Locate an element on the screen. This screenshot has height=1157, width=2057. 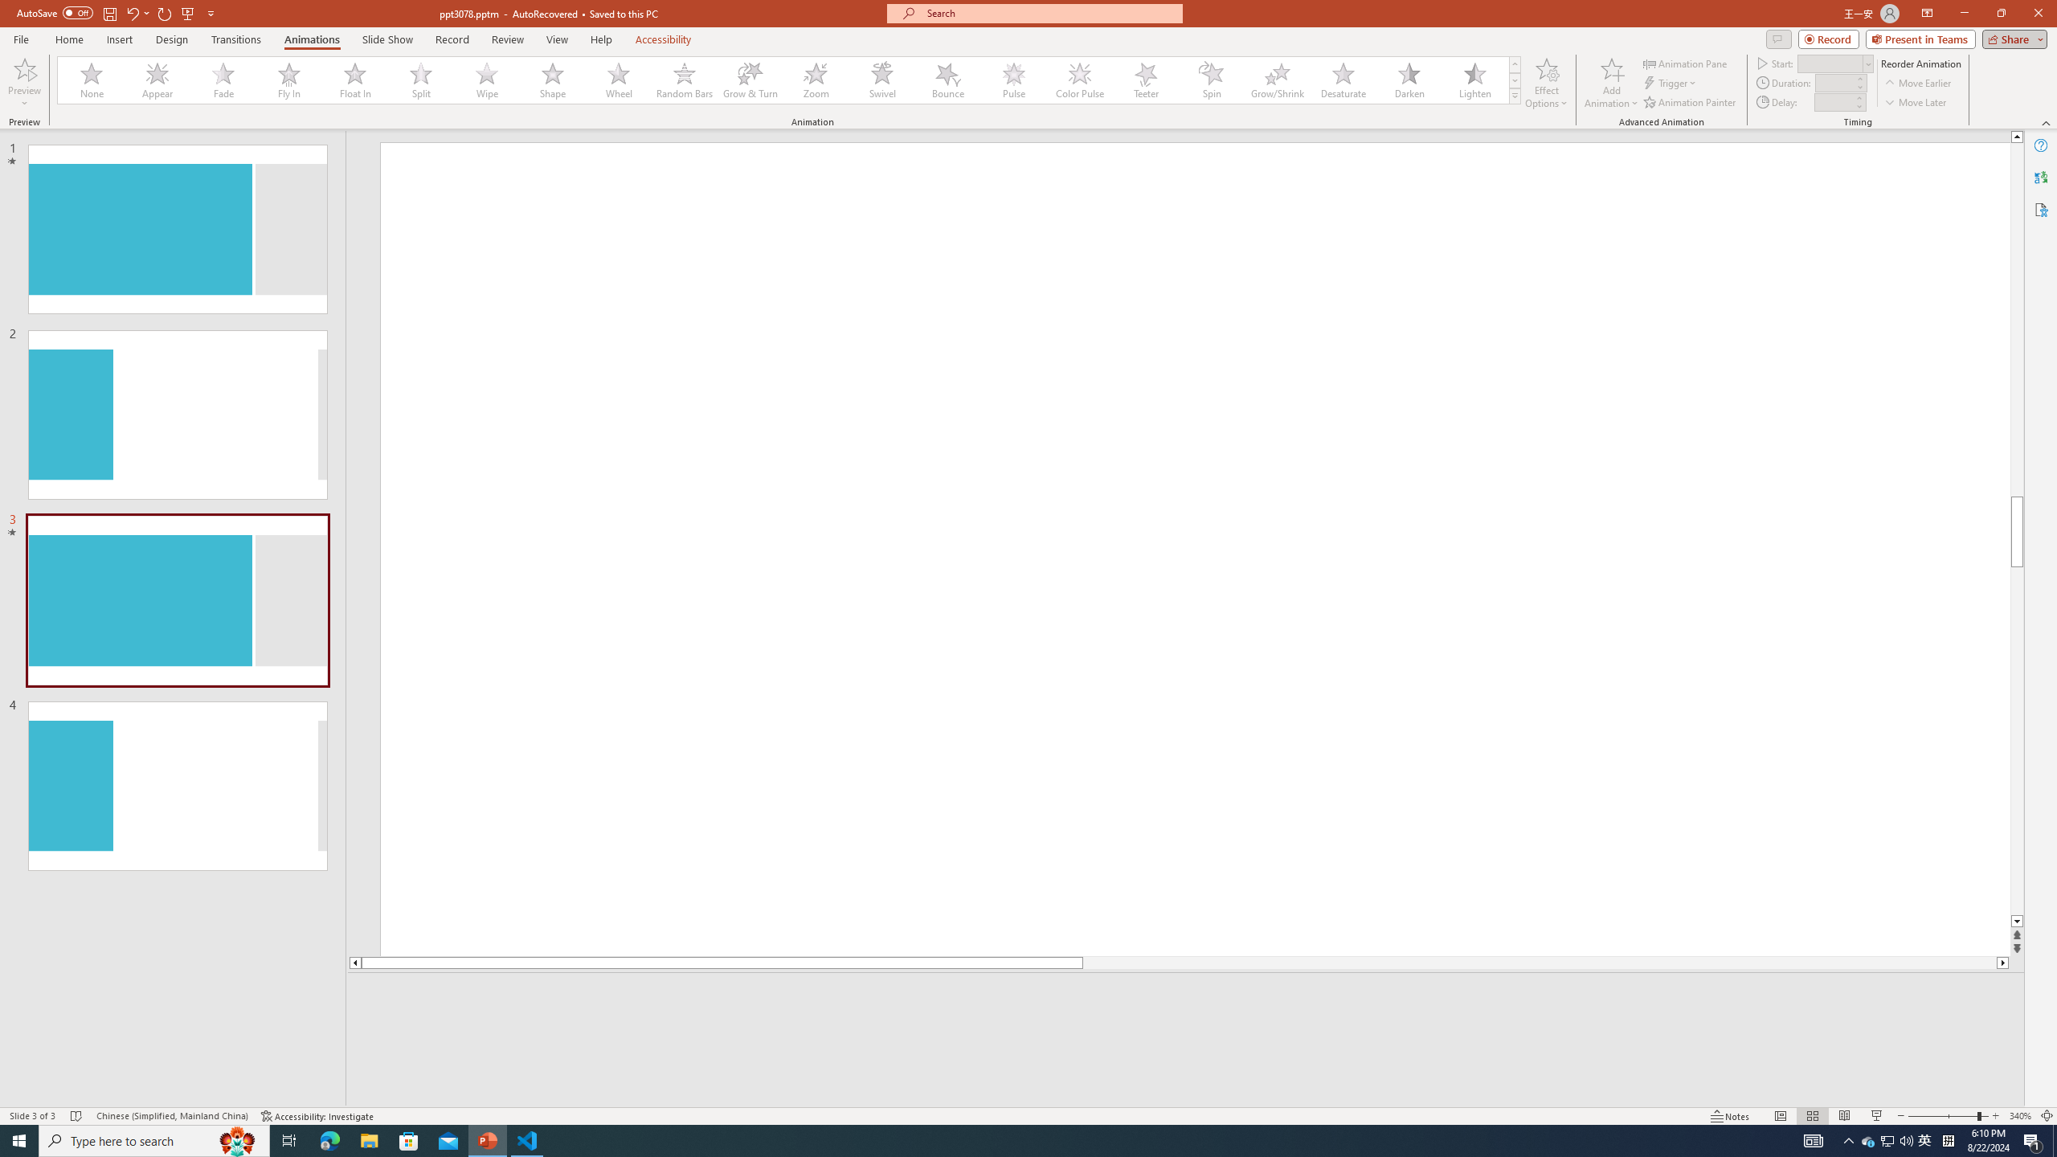
'None' is located at coordinates (92, 80).